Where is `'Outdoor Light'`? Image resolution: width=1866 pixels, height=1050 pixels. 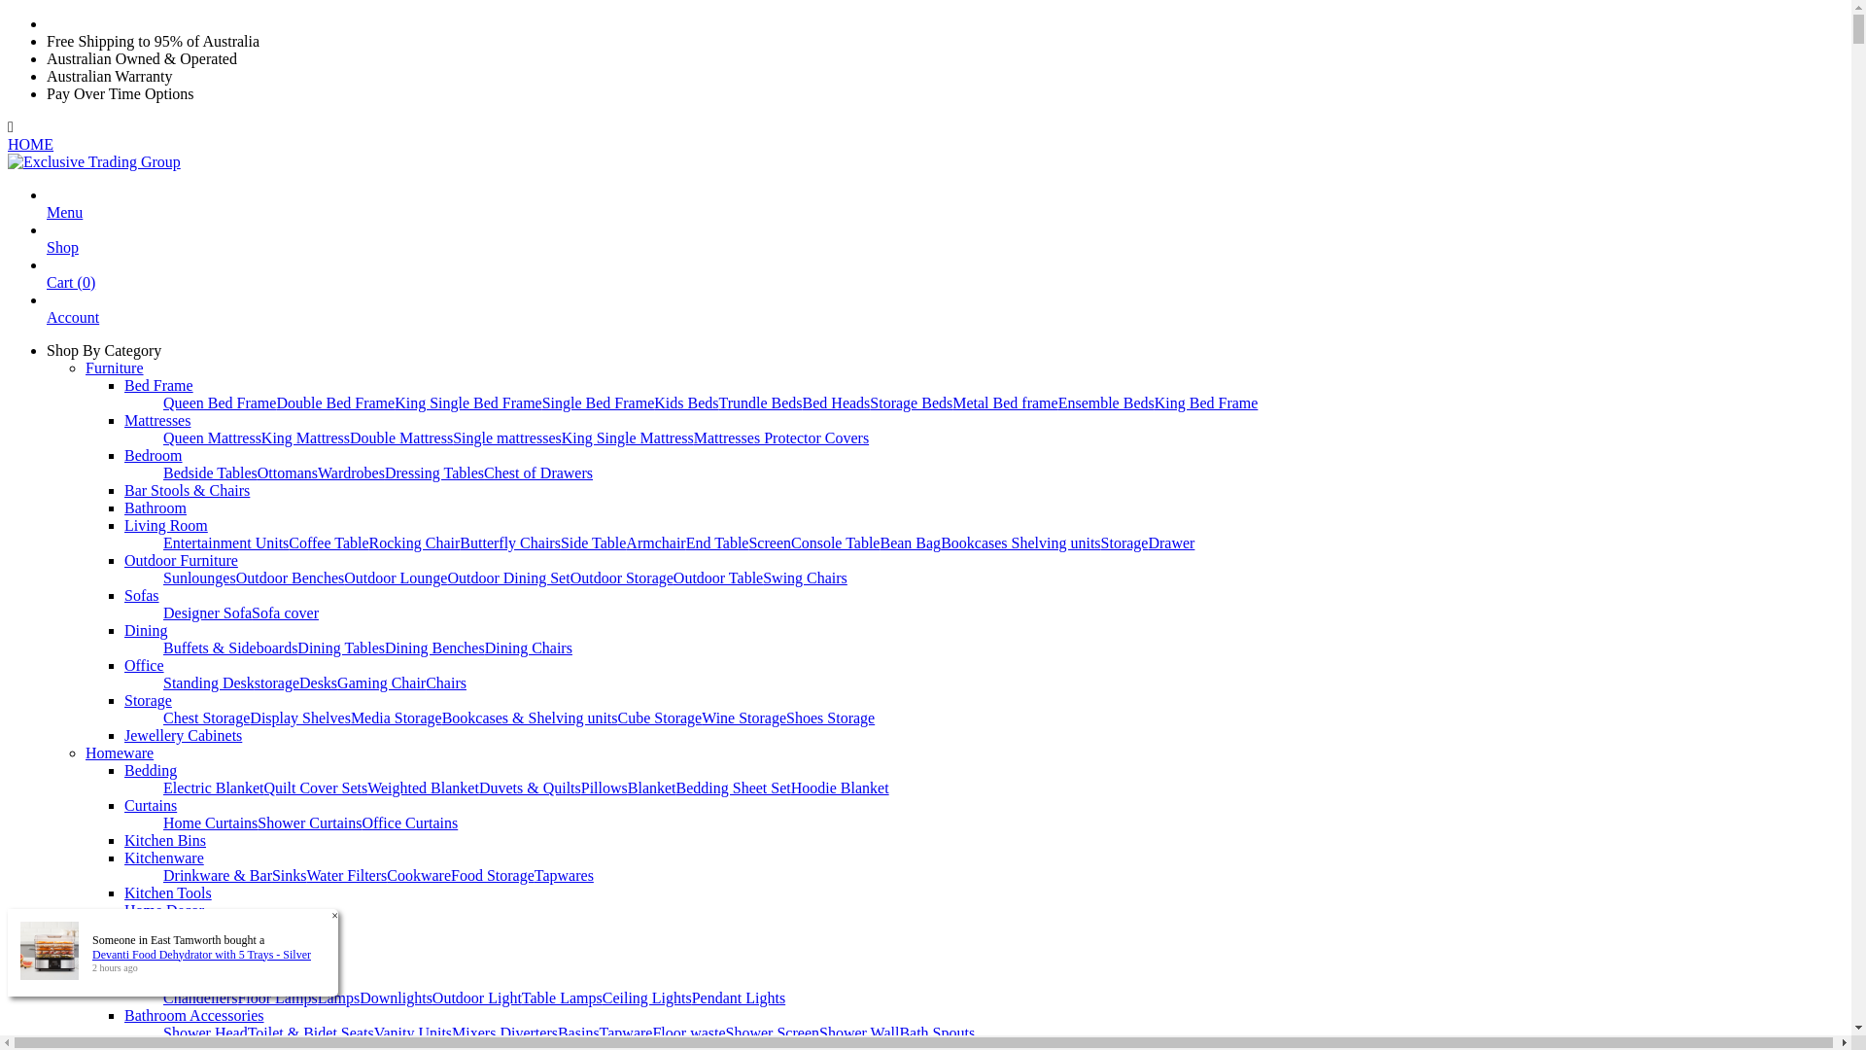
'Outdoor Light' is located at coordinates (476, 997).